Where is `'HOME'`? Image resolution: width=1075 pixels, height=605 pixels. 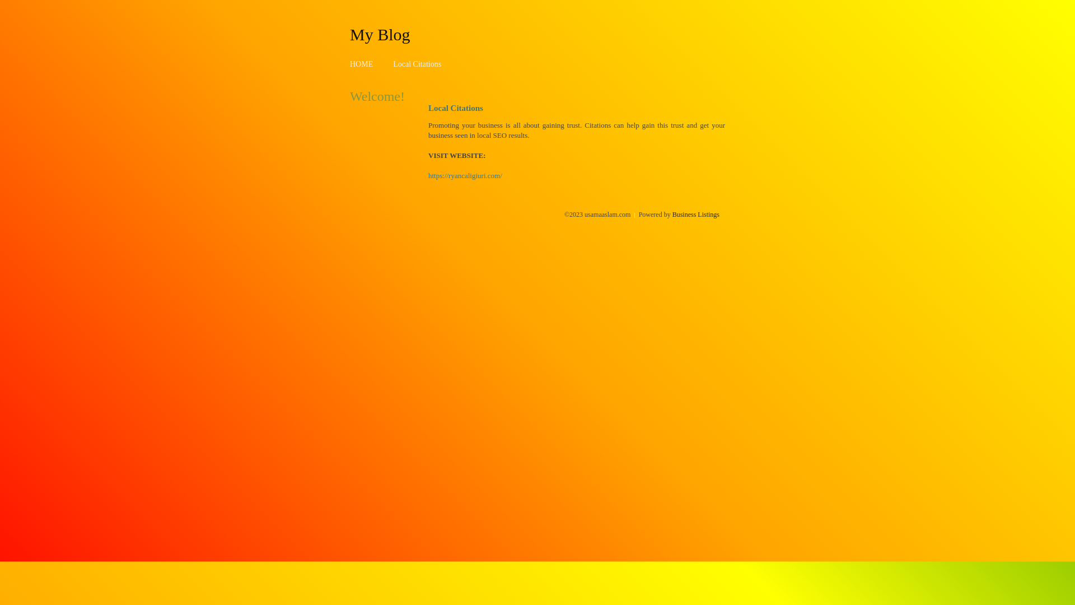 'HOME' is located at coordinates (349, 64).